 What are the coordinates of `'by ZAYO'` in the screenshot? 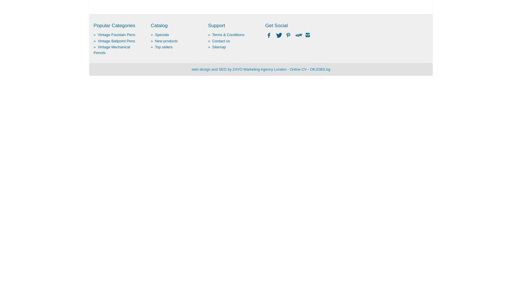 It's located at (235, 69).